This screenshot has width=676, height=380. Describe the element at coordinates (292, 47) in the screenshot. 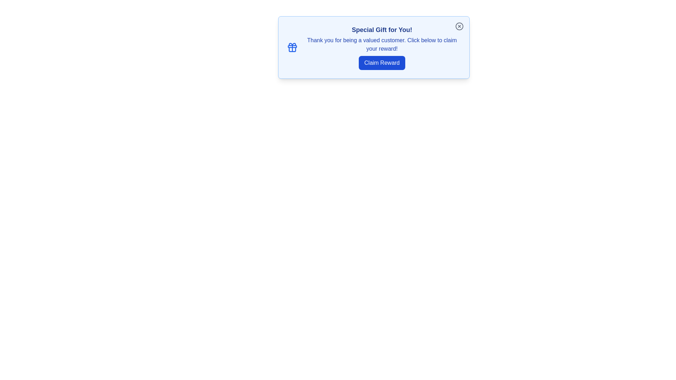

I see `the gift icon in the notification to focus on it` at that location.